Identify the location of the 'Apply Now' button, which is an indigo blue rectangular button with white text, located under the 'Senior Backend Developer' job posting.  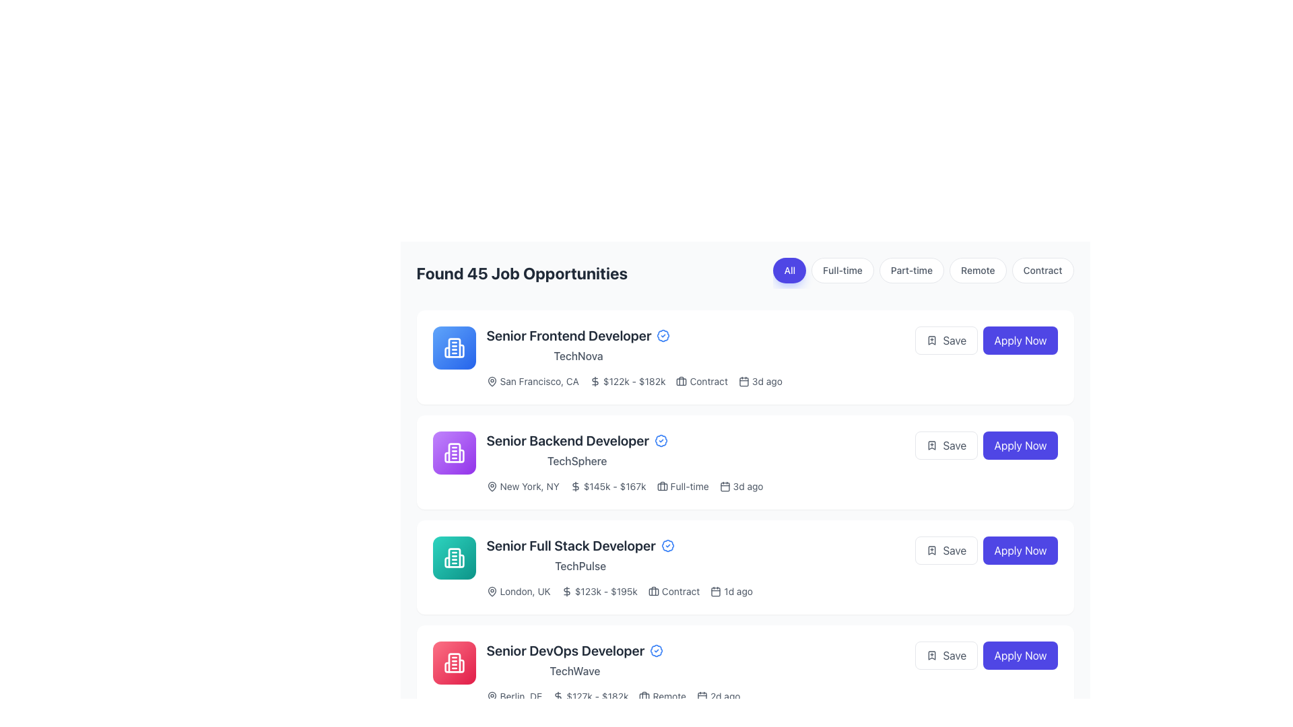
(1020, 446).